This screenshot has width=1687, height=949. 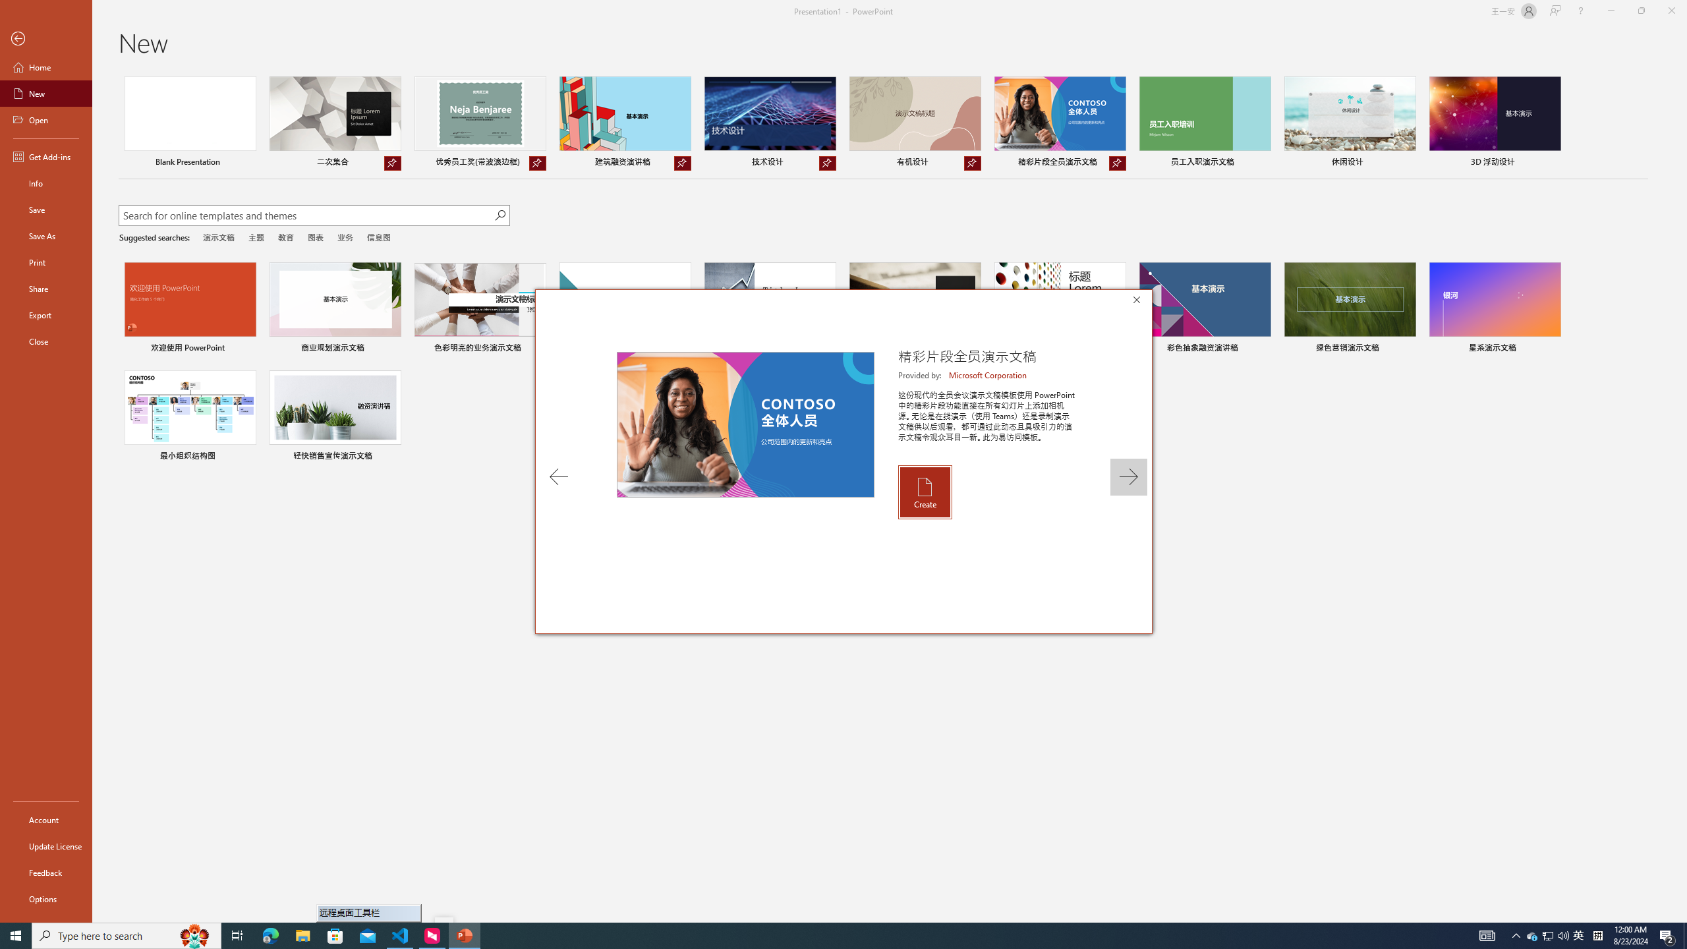 I want to click on 'Export', so click(x=45, y=315).